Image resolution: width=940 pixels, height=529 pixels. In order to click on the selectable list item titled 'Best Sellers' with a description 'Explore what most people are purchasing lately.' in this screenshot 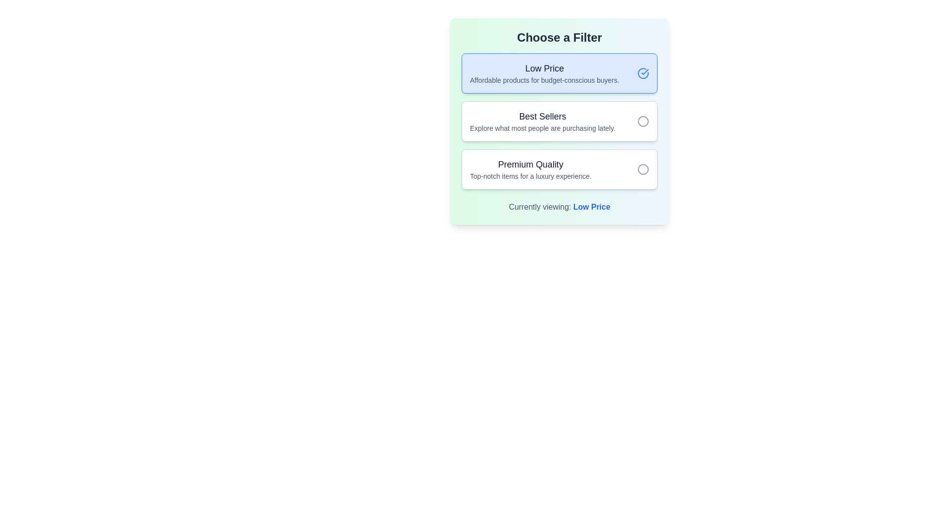, I will do `click(559, 120)`.